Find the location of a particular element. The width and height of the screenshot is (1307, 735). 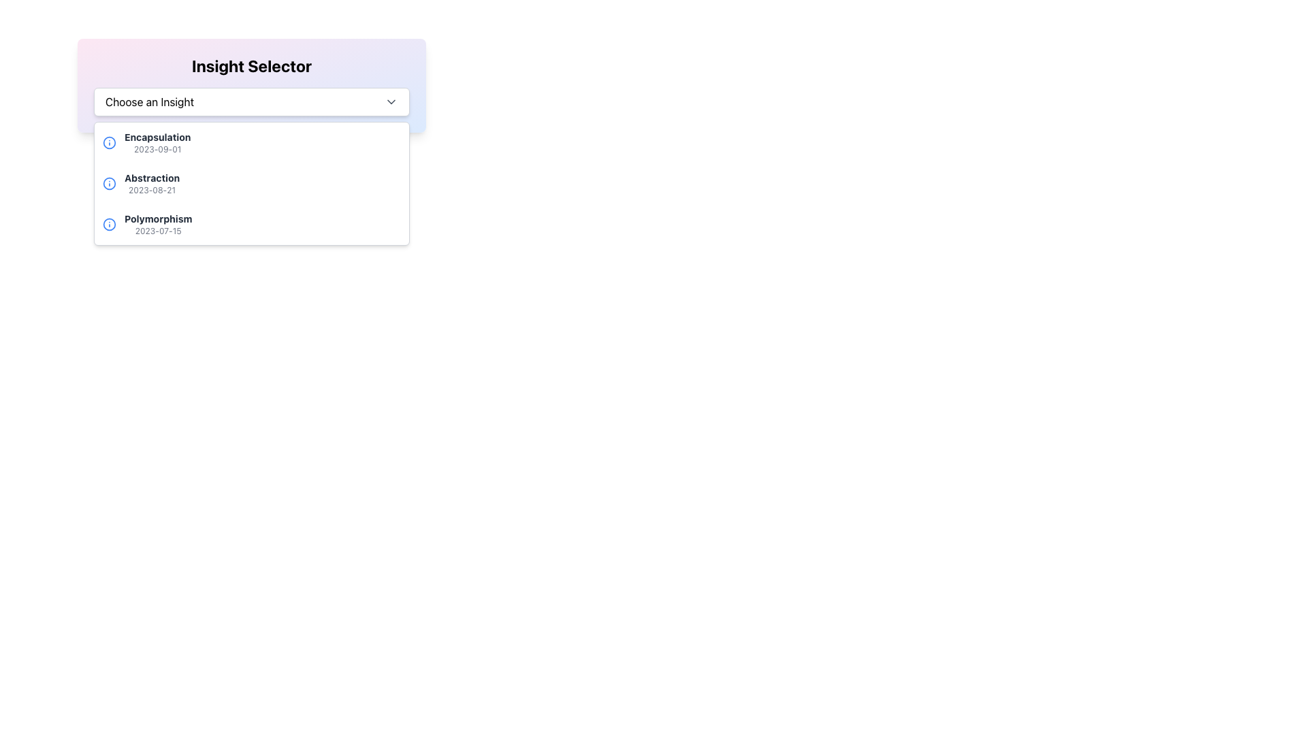

the informational icon located to the left of the list item labeled 'Polymorphism', which is the third item in the vertical list of insights is located at coordinates (110, 224).